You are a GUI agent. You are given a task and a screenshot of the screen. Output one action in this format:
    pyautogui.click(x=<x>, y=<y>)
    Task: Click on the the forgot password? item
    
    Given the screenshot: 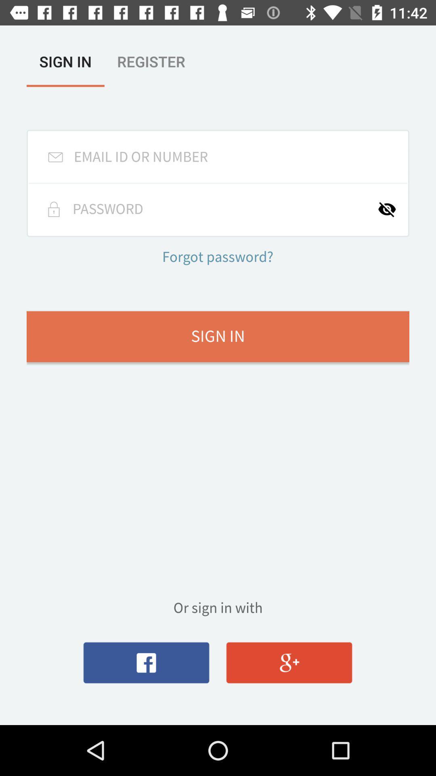 What is the action you would take?
    pyautogui.click(x=217, y=257)
    